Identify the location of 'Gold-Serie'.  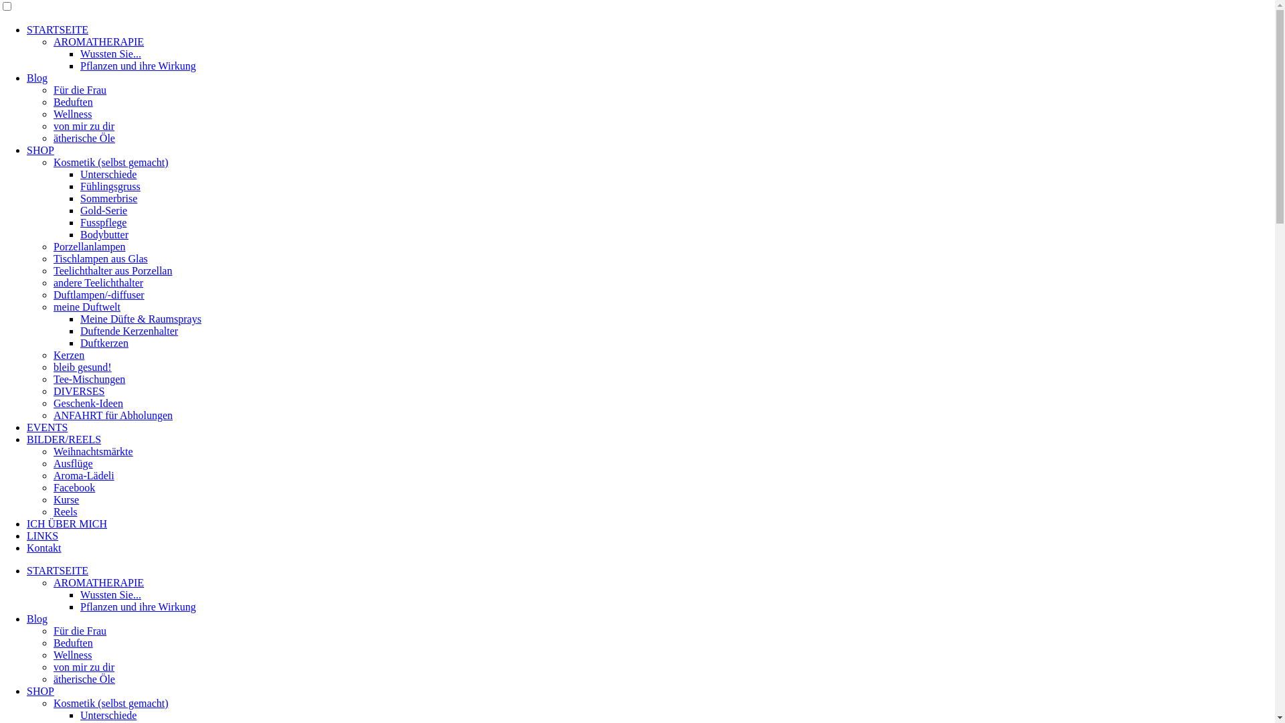
(80, 210).